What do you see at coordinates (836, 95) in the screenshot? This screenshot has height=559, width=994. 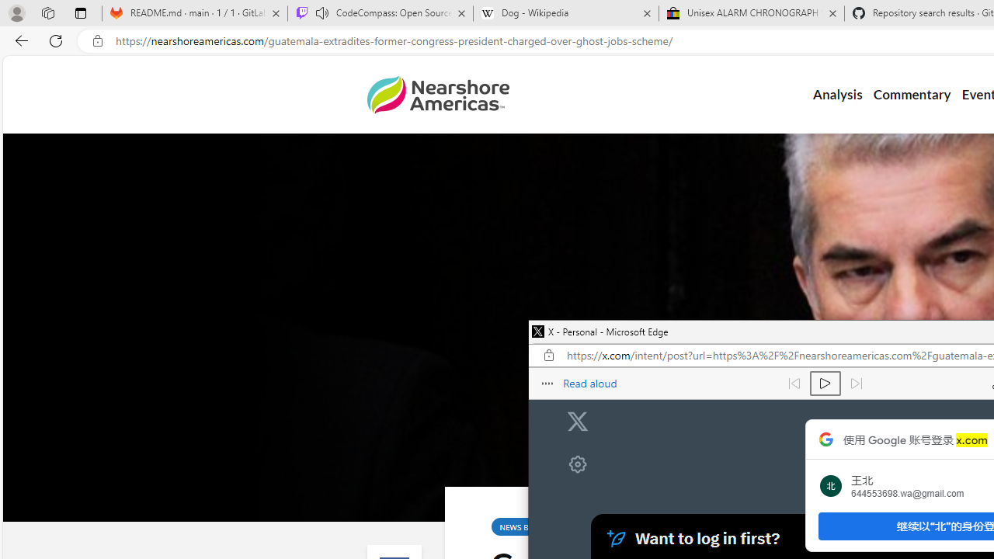 I see `'Analysis'` at bounding box center [836, 95].